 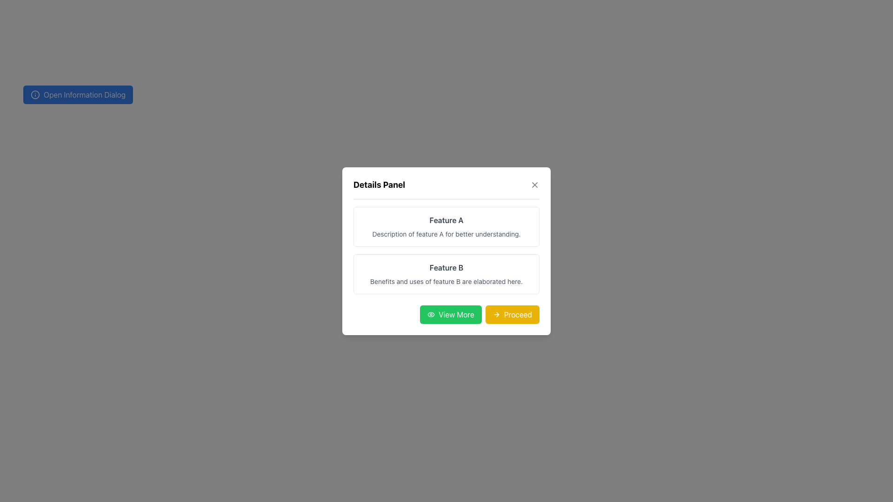 I want to click on the visibility icon located on the left side of the 'View More' button in the 'Details Panel' dialog box, so click(x=431, y=314).